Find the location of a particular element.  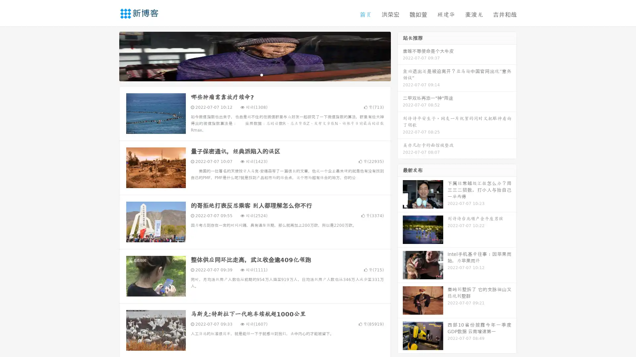

Go to slide 2 is located at coordinates (254, 74).